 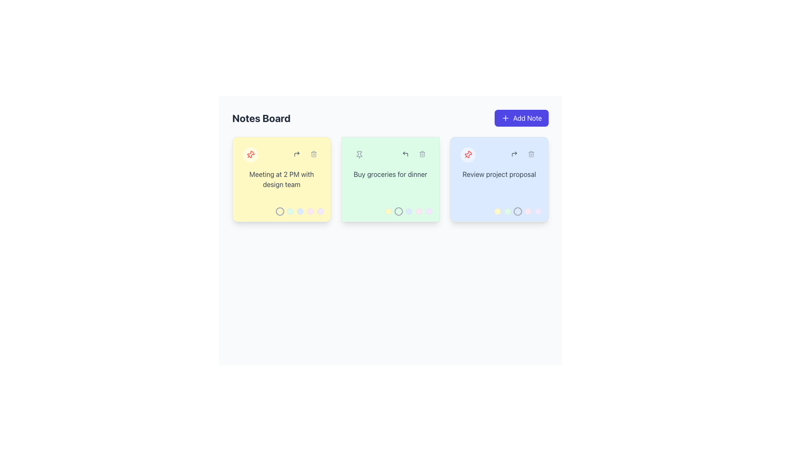 I want to click on the 'Add Note' button located on the right side of the 'Notes Board' header section, so click(x=520, y=118).